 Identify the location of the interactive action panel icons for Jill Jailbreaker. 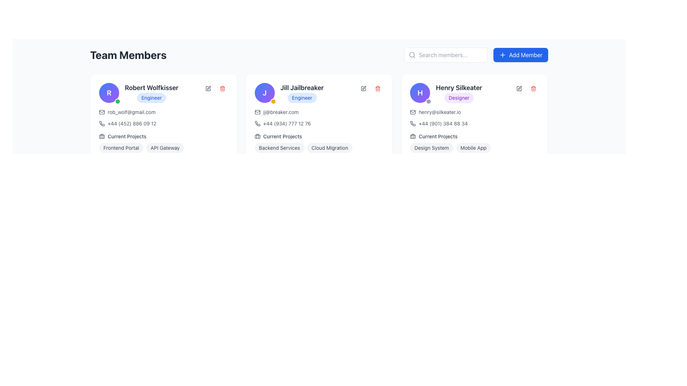
(371, 88).